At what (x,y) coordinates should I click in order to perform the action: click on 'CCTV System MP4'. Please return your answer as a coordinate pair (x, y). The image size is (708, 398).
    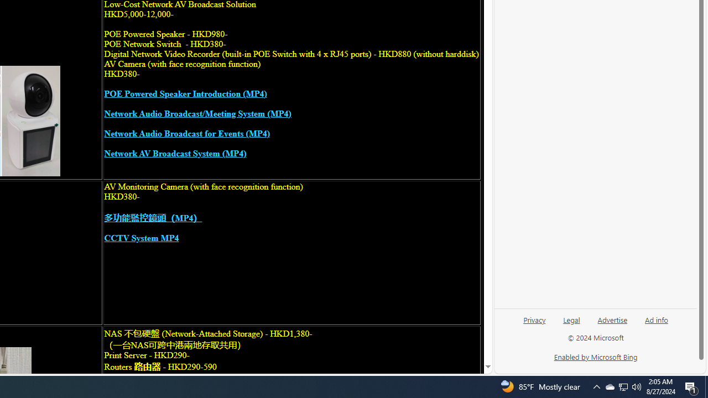
    Looking at the image, I should click on (141, 237).